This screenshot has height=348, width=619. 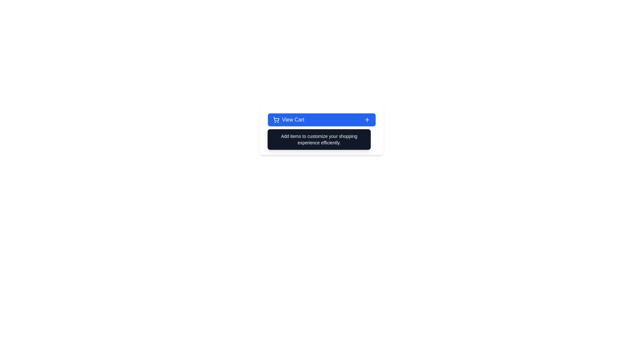 I want to click on the text label indicating cart functionality, so click(x=293, y=120).